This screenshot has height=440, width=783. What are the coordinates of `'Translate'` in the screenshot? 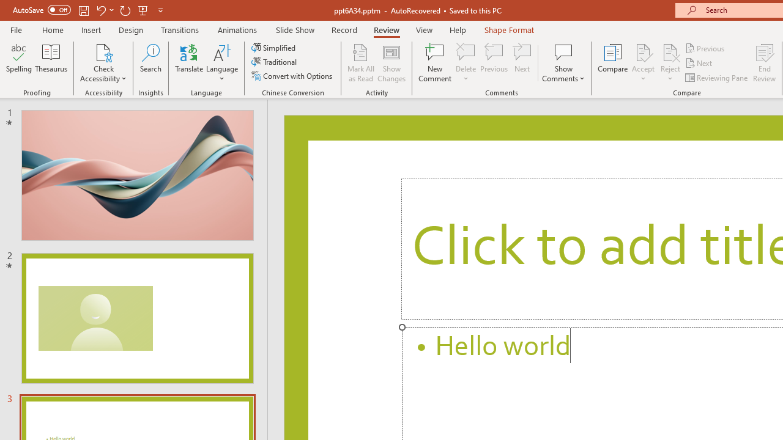 It's located at (188, 63).